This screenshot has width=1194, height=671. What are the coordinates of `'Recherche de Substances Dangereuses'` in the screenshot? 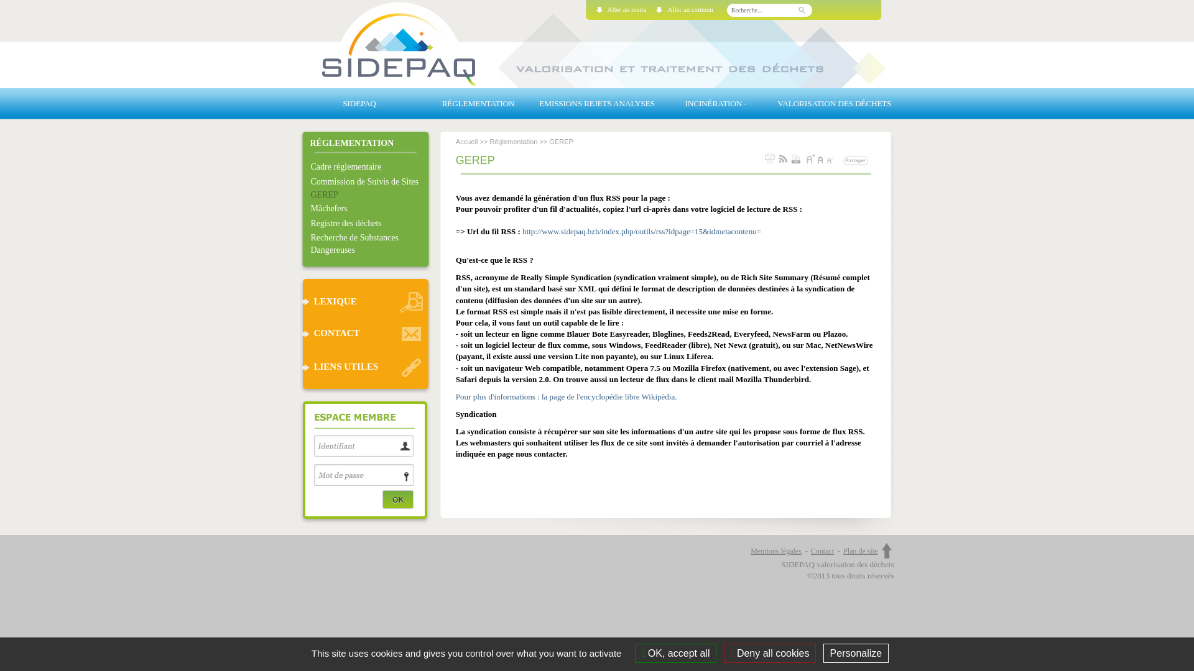 It's located at (310, 244).